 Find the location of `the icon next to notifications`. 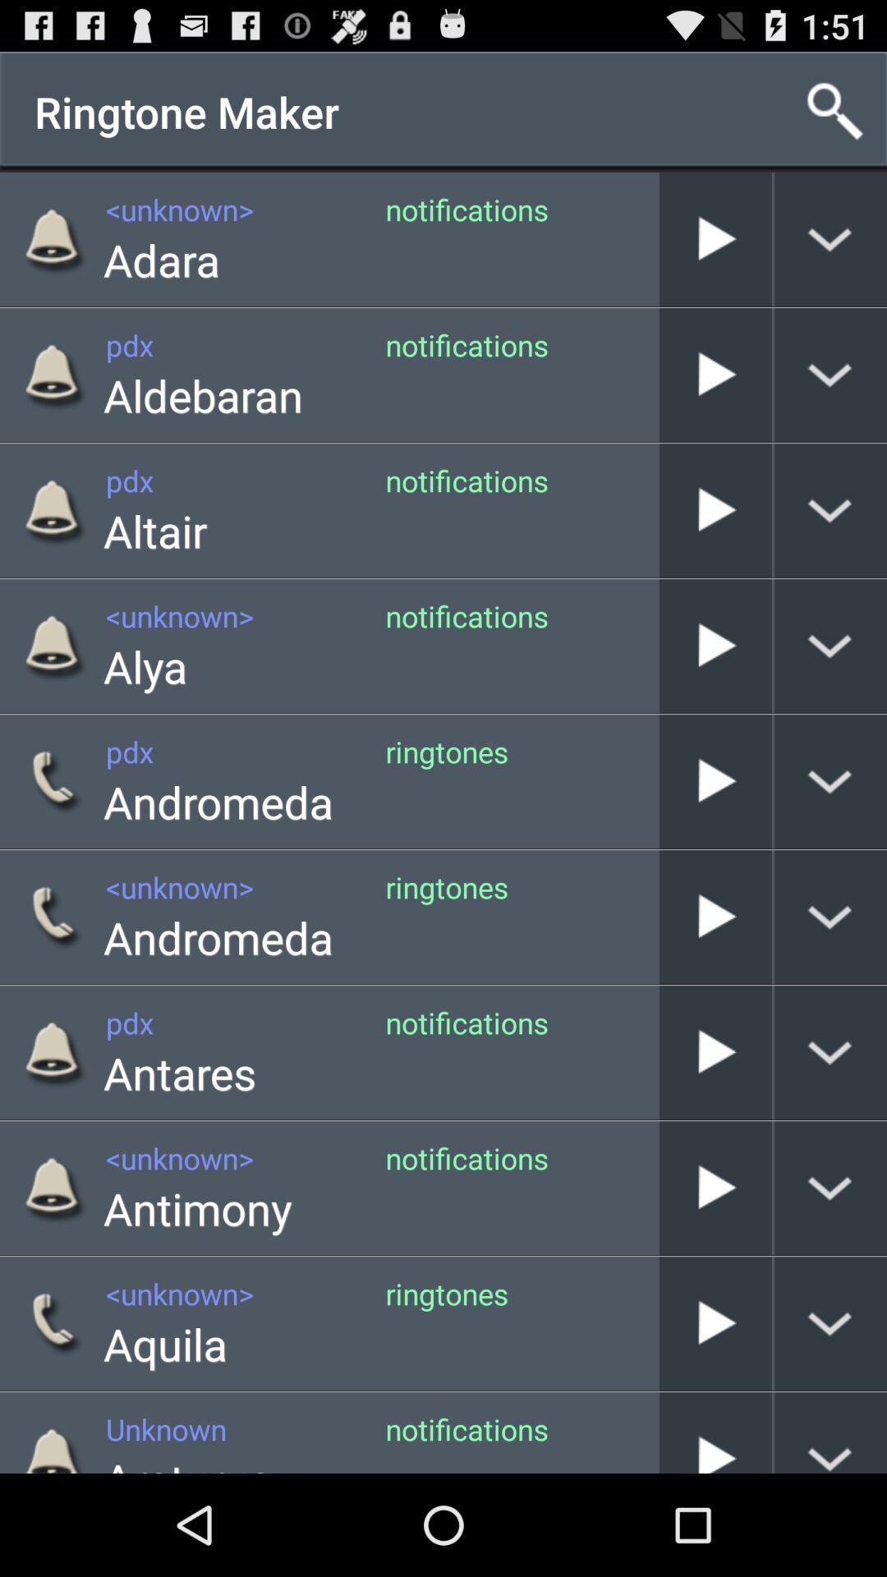

the icon next to notifications is located at coordinates (155, 531).